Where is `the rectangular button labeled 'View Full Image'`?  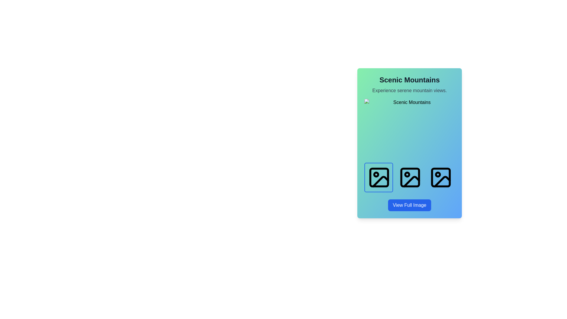 the rectangular button labeled 'View Full Image' is located at coordinates (409, 205).